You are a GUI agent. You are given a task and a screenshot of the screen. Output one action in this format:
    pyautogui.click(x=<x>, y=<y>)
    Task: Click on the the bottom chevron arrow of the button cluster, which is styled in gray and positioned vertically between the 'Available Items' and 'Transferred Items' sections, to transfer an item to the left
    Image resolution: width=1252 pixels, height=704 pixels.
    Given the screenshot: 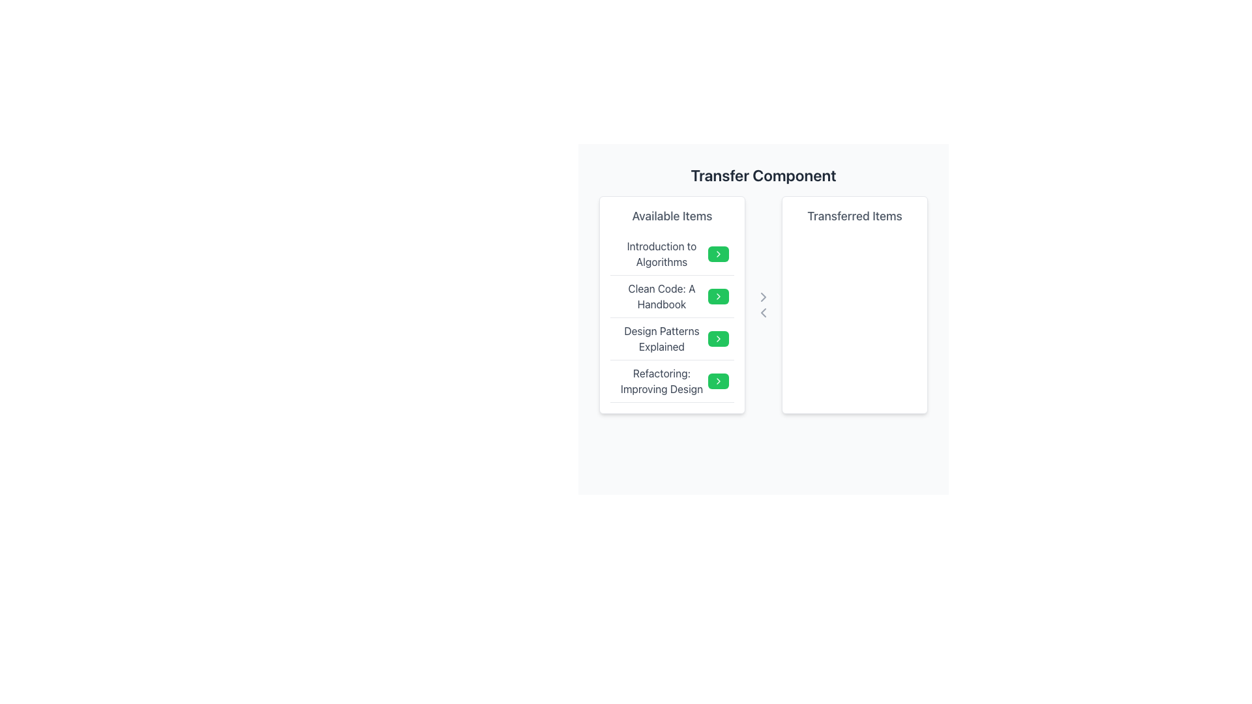 What is the action you would take?
    pyautogui.click(x=764, y=304)
    